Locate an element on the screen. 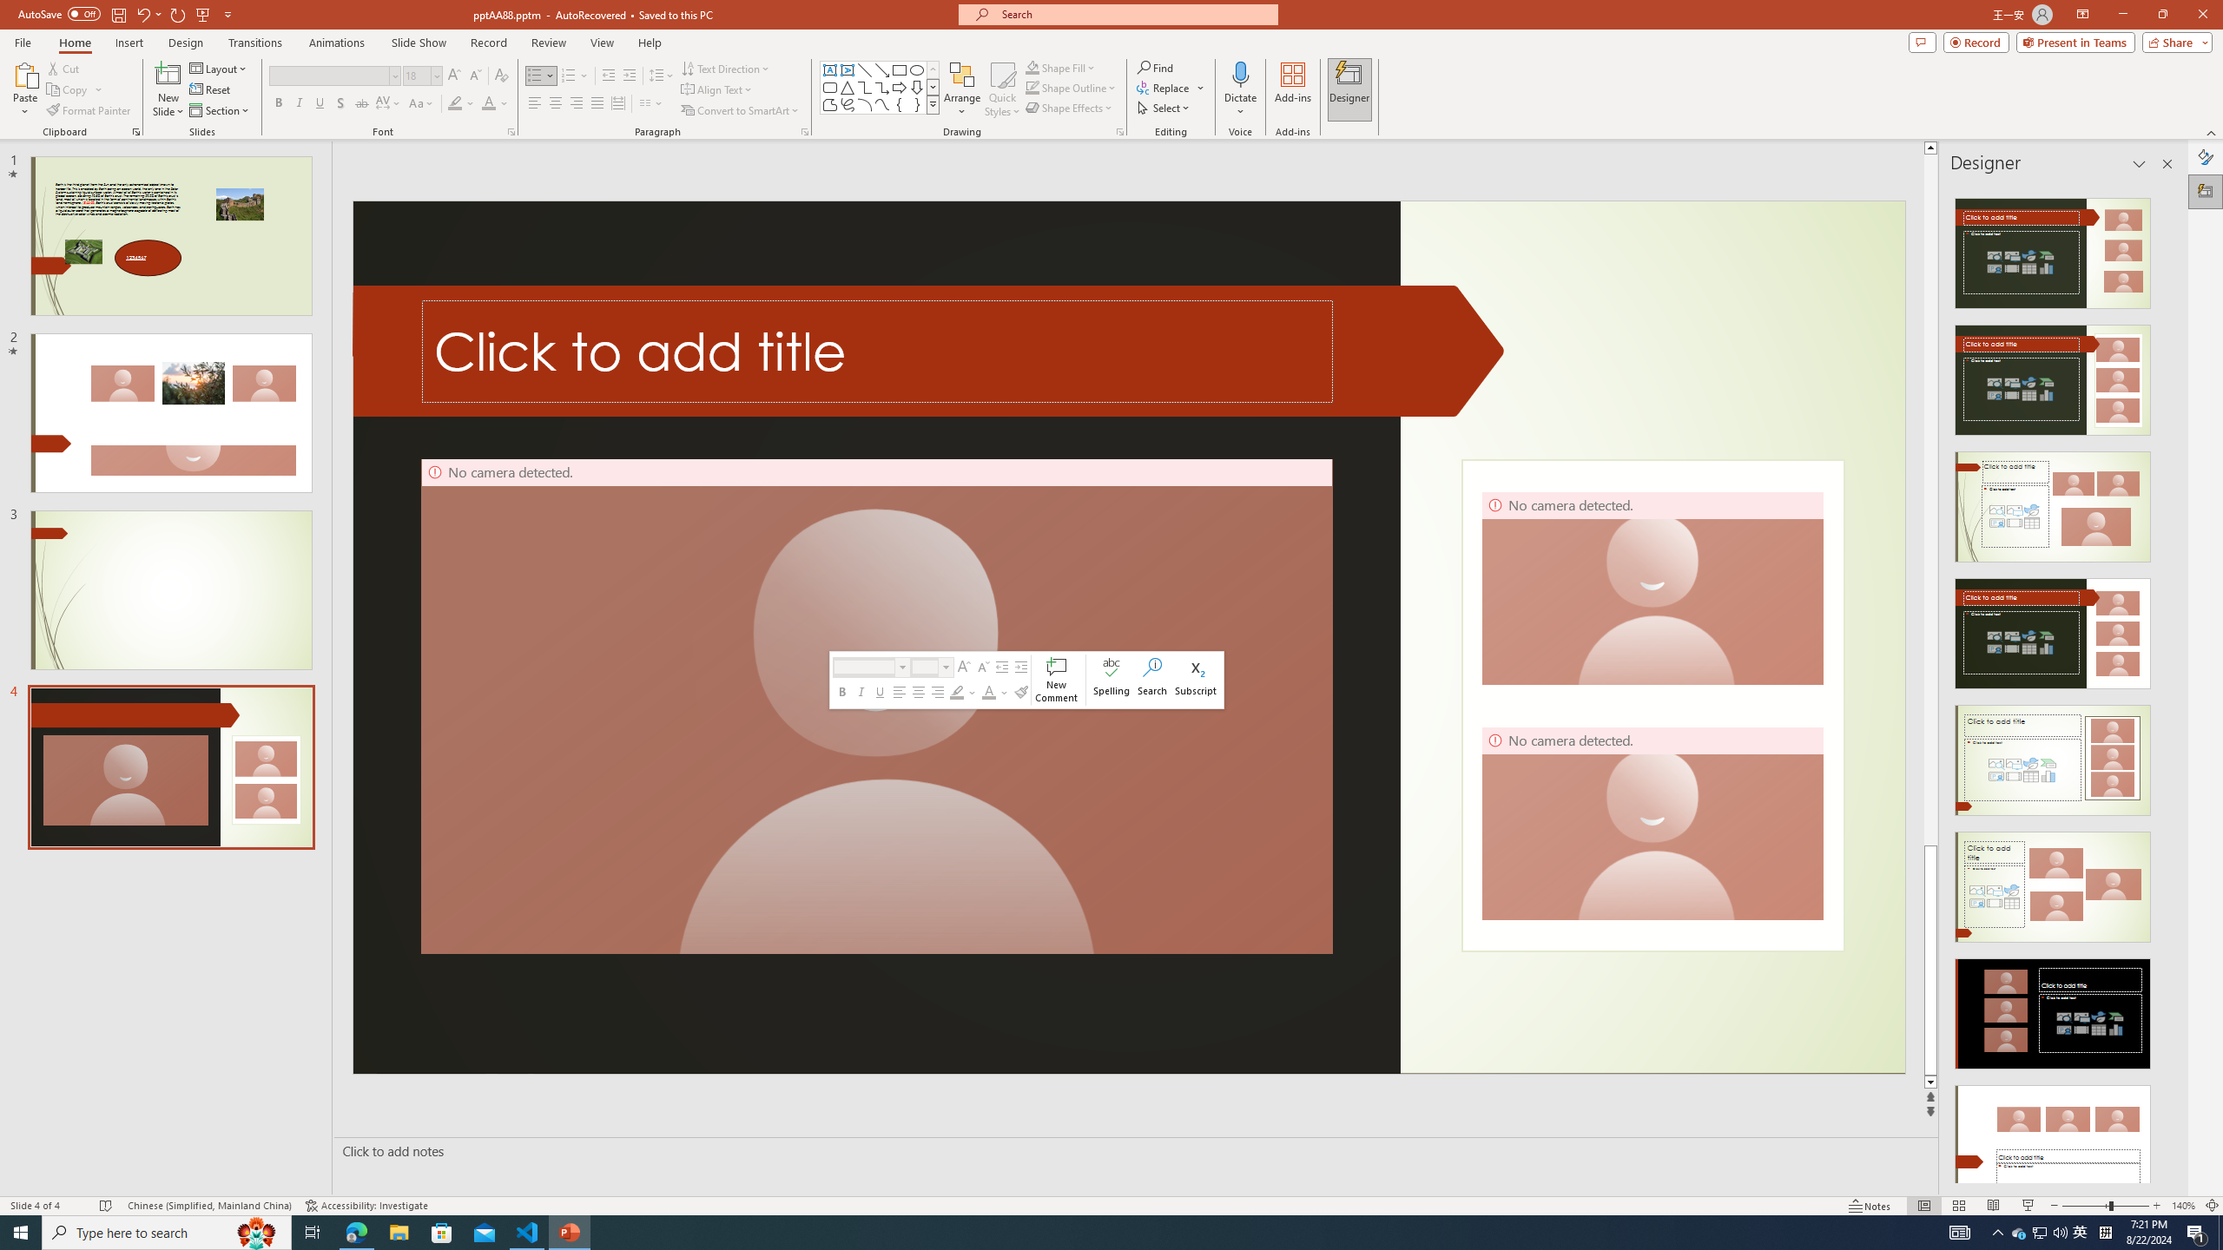  'Align Left' is located at coordinates (534, 102).